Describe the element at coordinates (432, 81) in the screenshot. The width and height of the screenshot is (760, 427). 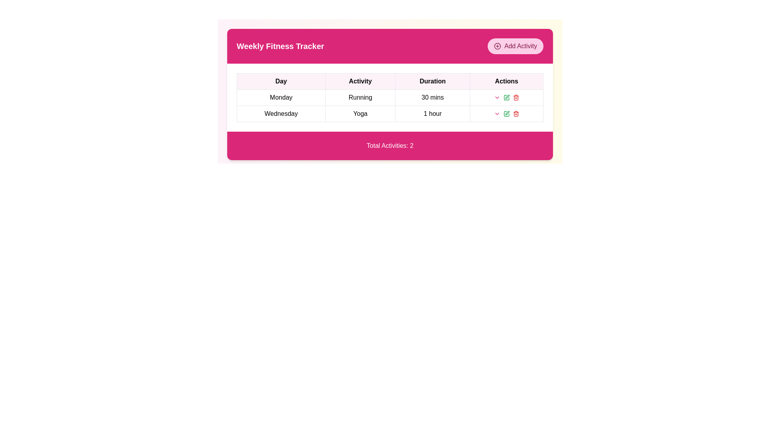
I see `the third column header of the table that indicates the duration of activities` at that location.